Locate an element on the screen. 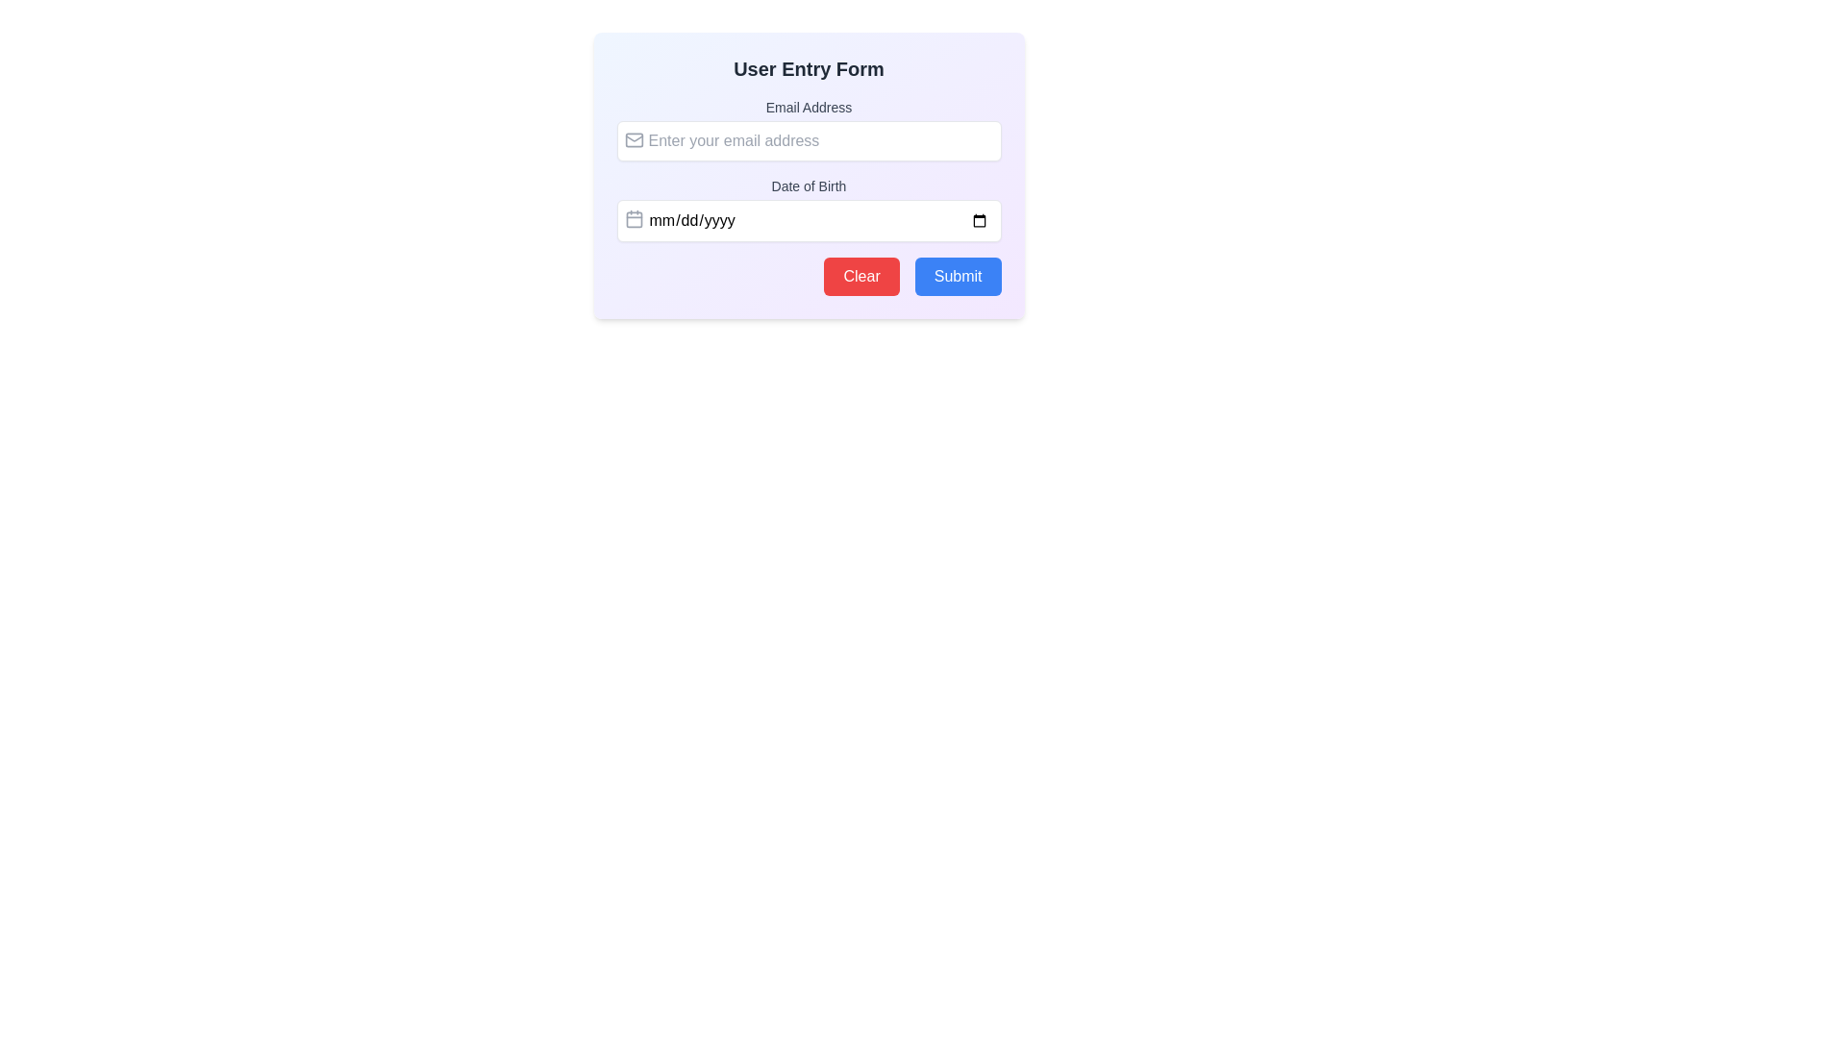  the text label that guides the user to input their date of birth, which is positioned above the corresponding input field in the center of the form is located at coordinates (809, 185).